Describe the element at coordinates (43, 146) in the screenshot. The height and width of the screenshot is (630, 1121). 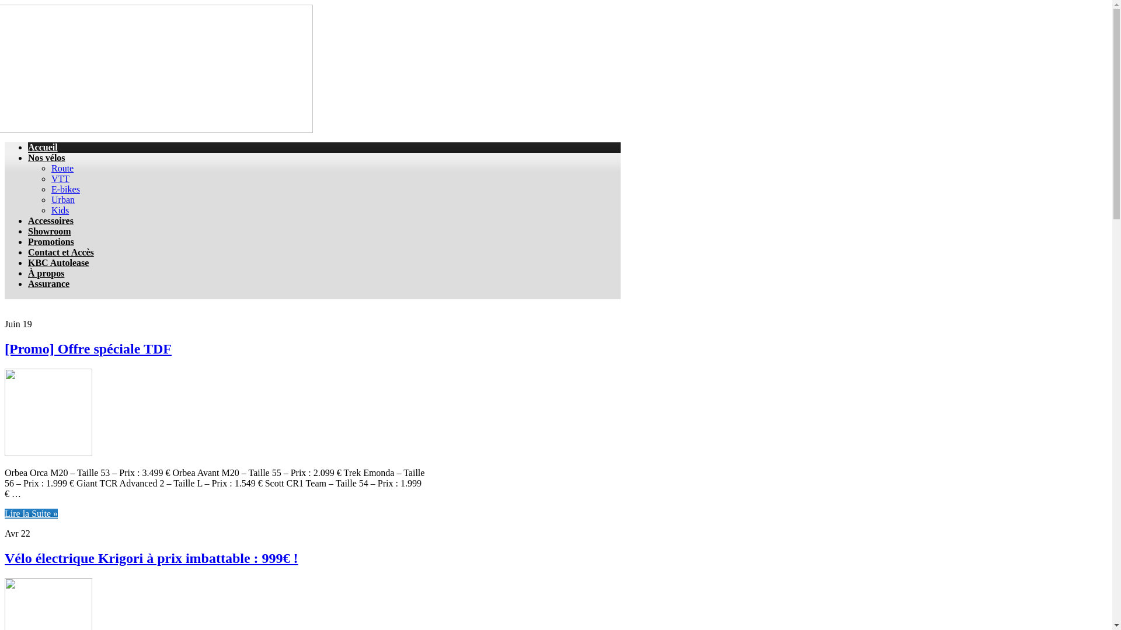
I see `'Accueil'` at that location.